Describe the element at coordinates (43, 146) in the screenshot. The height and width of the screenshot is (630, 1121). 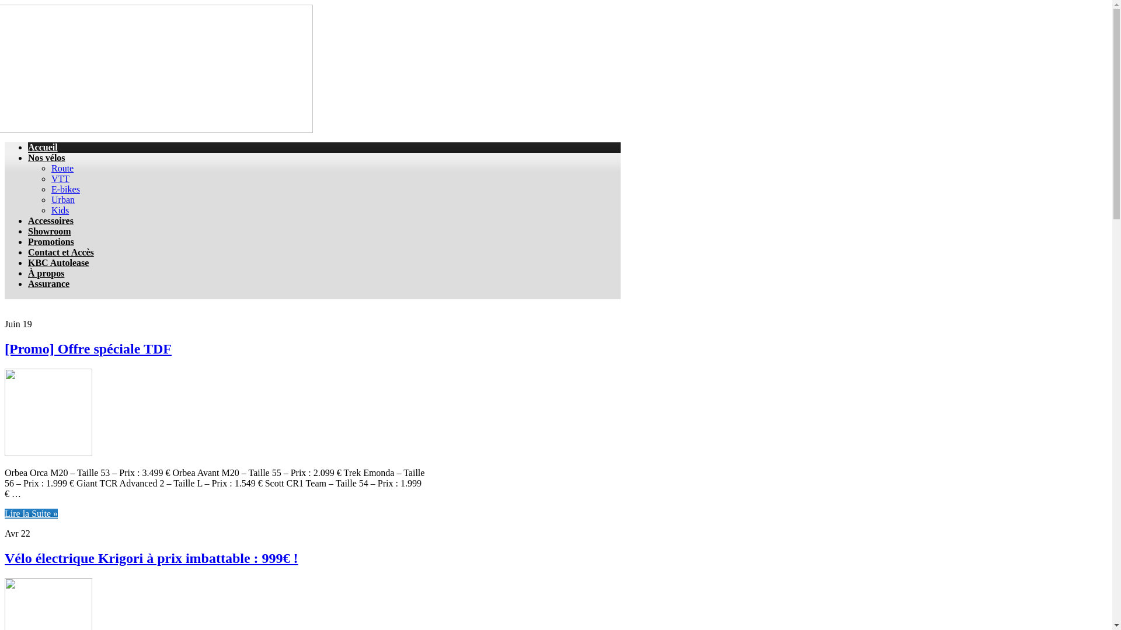
I see `'Accueil'` at that location.